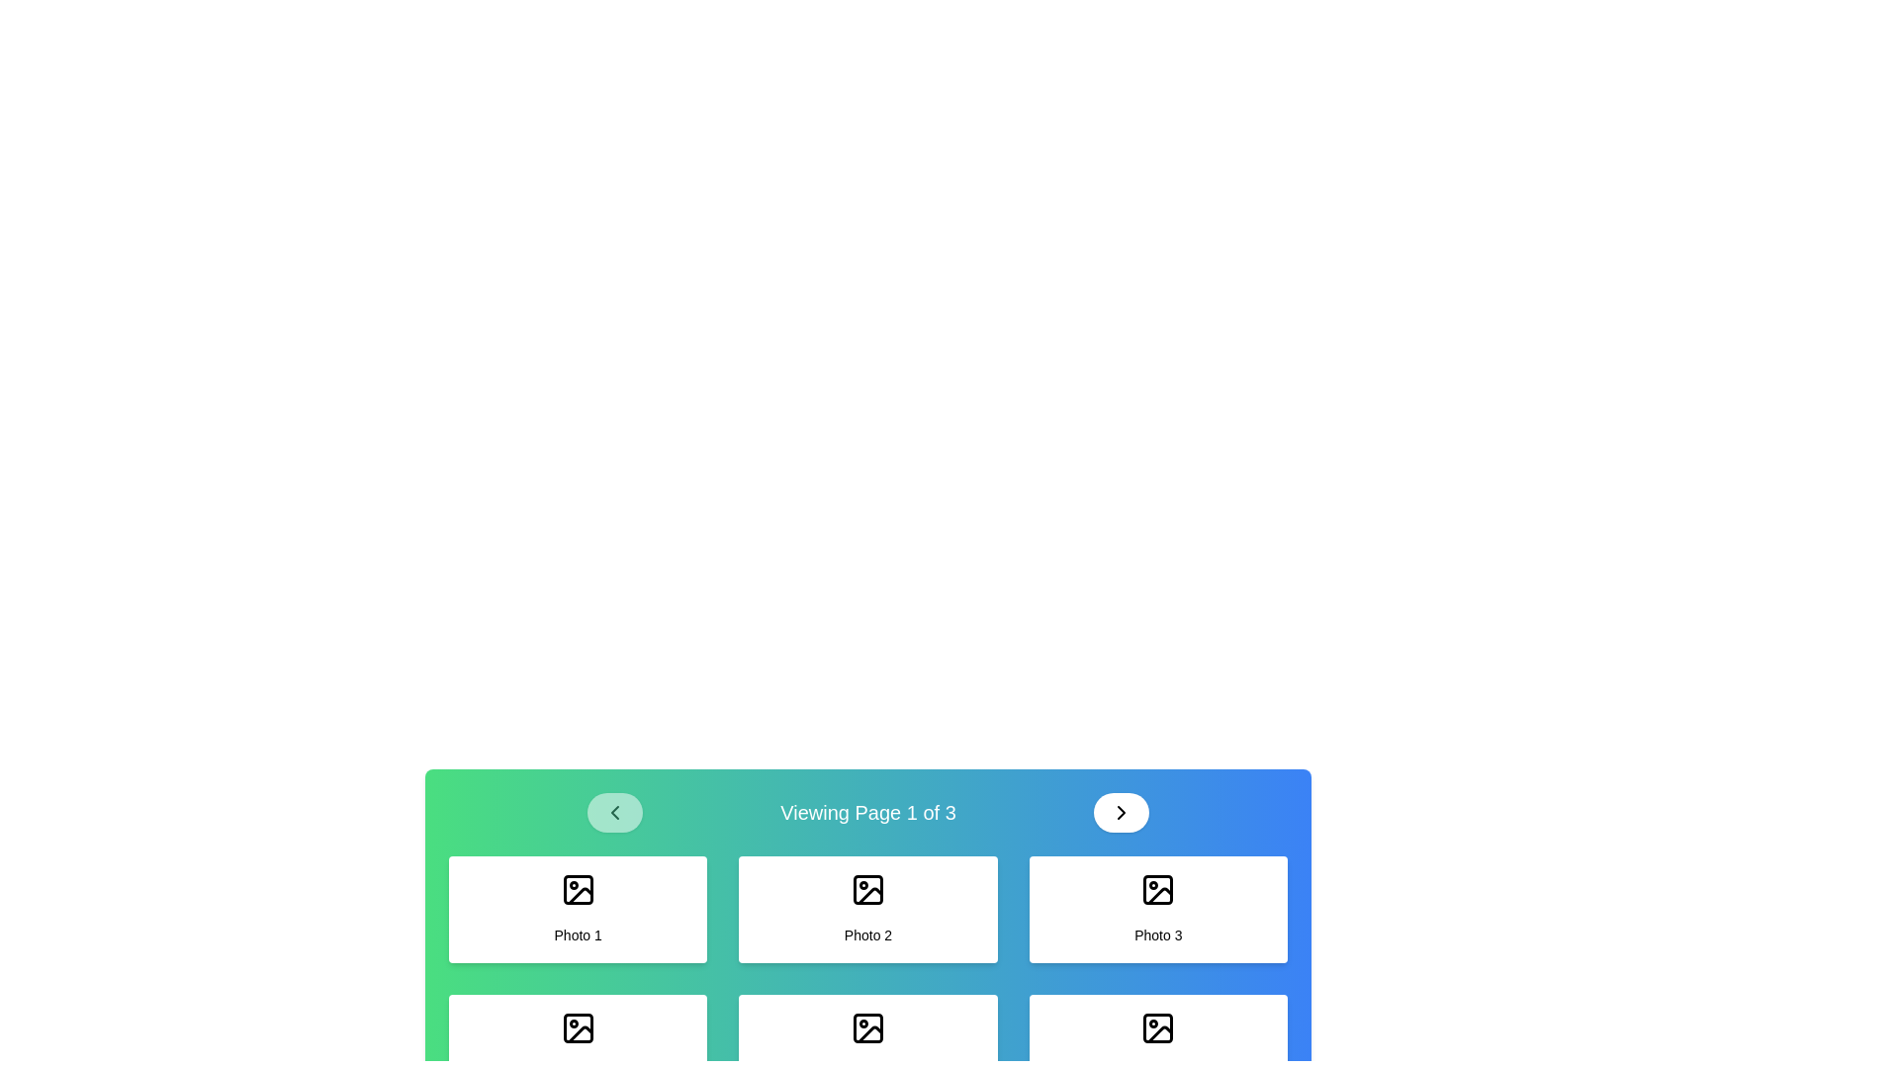  I want to click on the label displaying the current page number and total number of pages, which is centrally located above the image grid in the navigation interface, so click(868, 812).